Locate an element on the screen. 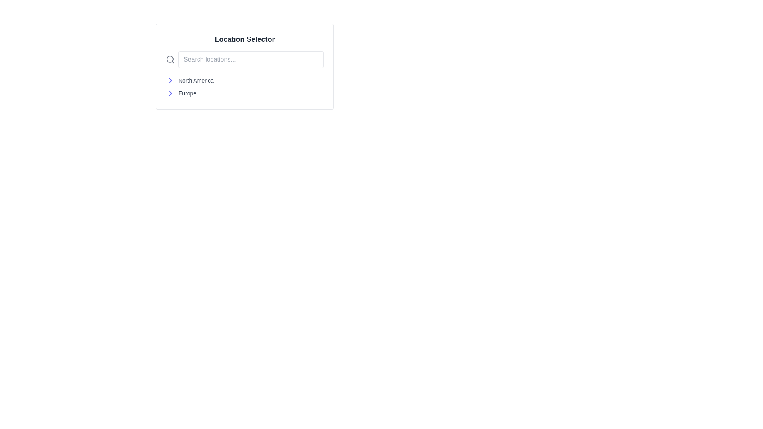 Image resolution: width=763 pixels, height=429 pixels. the vertically stacked list of location options 'North America' and 'Europe' located below the 'Location Selector' search bar is located at coordinates (244, 87).